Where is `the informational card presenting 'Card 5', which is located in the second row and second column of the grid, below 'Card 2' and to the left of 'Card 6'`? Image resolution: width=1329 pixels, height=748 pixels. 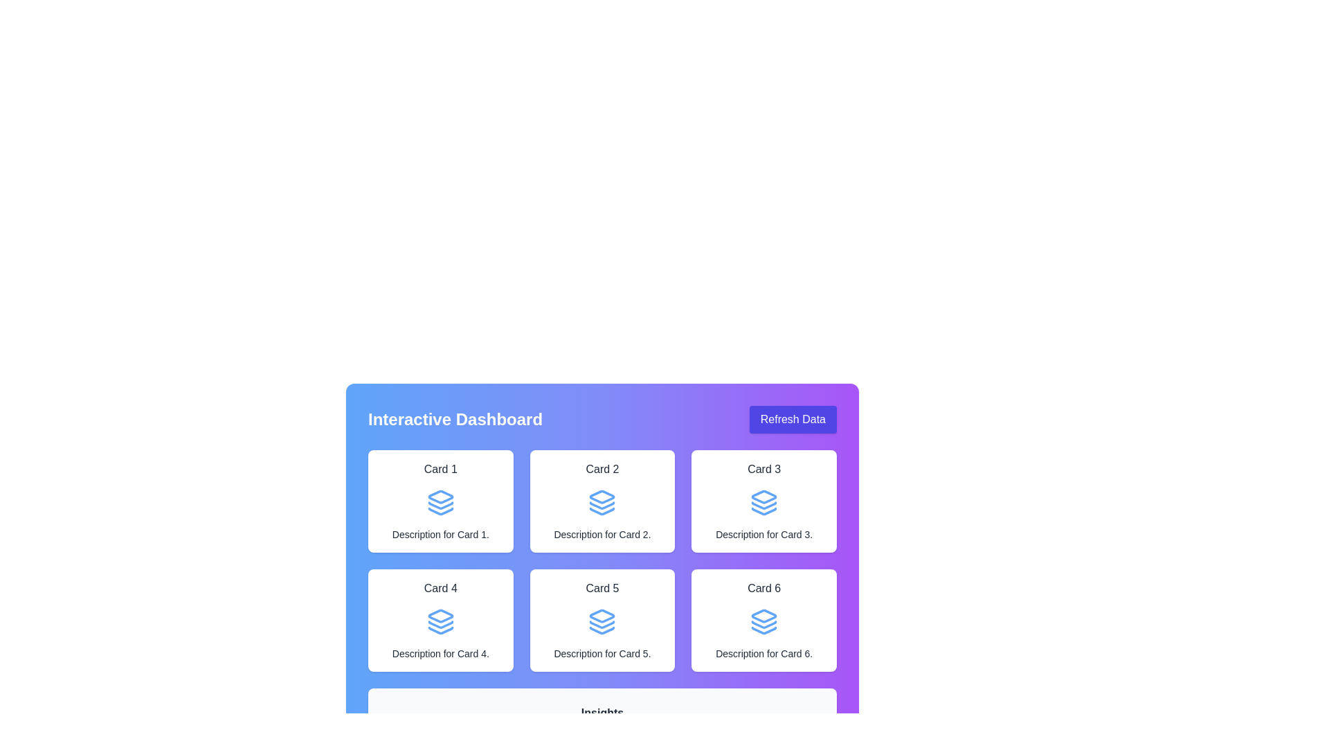
the informational card presenting 'Card 5', which is located in the second row and second column of the grid, below 'Card 2' and to the left of 'Card 6' is located at coordinates (602, 619).